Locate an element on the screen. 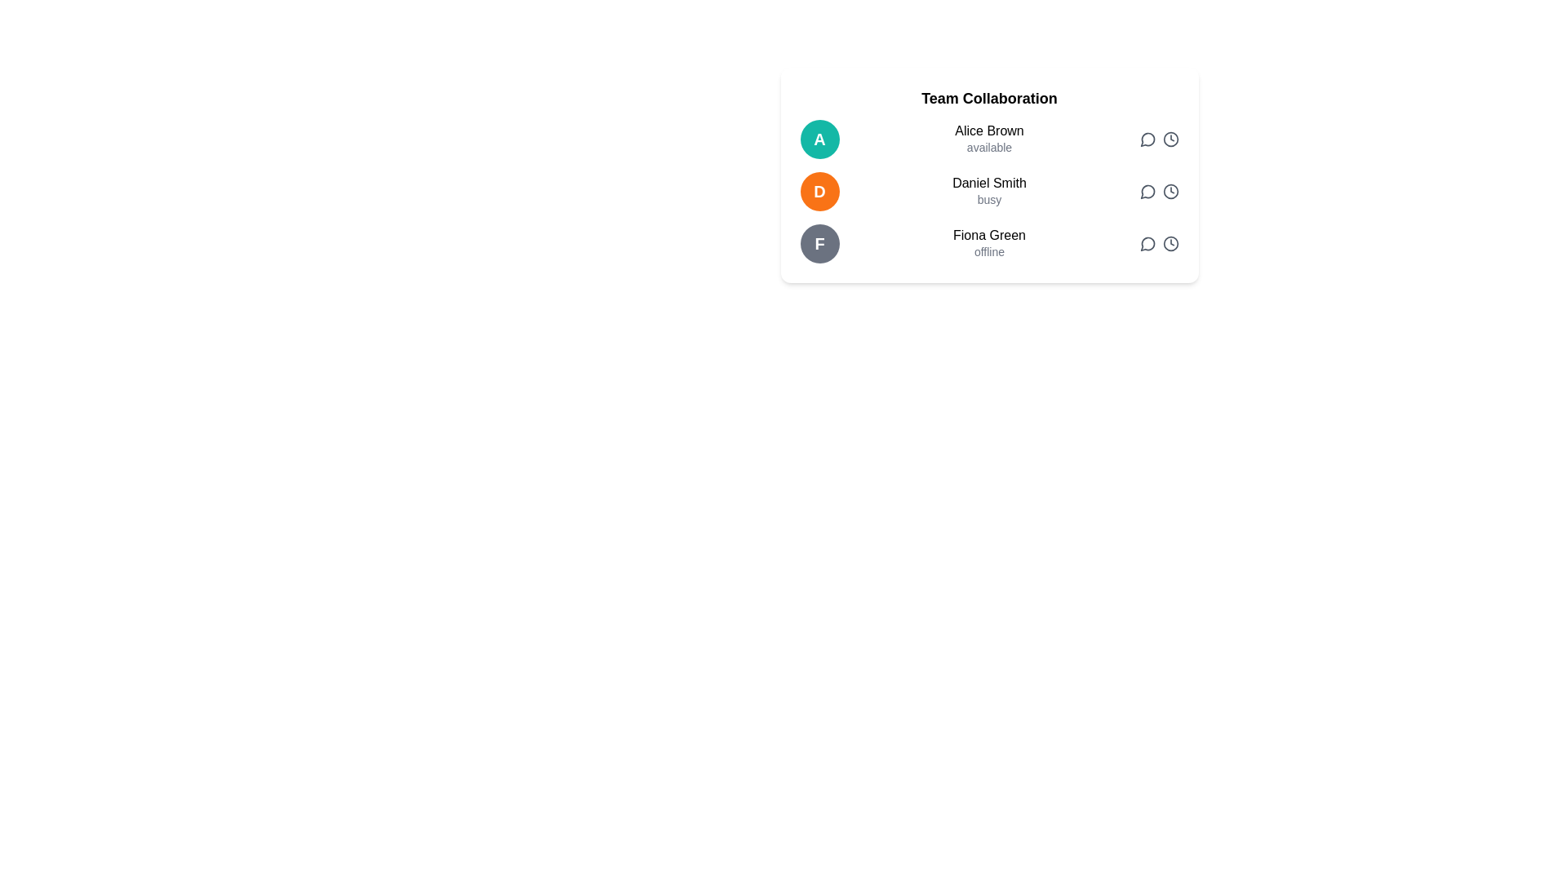  the text element displaying 'Fiona Green' located in the Team Collaboration section, positioned in the third row of user entries, next to the circular icon with the letter 'F' is located at coordinates (988, 236).